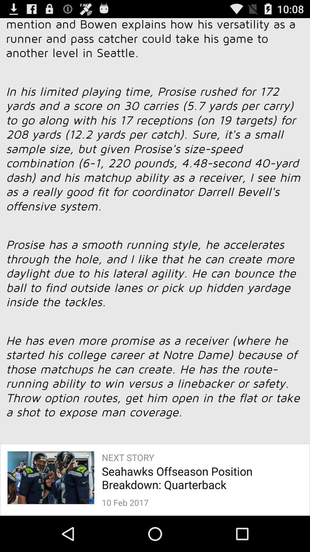  I want to click on for advertisement, so click(155, 259).